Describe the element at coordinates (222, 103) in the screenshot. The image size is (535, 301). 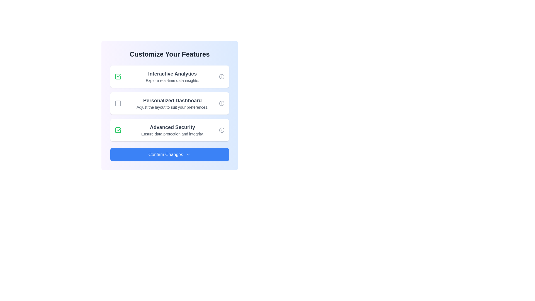
I see `the circular vector graphic icon located within the 'Customize Your Features' section, aligned to the right of 'Personalized Dashboard'` at that location.